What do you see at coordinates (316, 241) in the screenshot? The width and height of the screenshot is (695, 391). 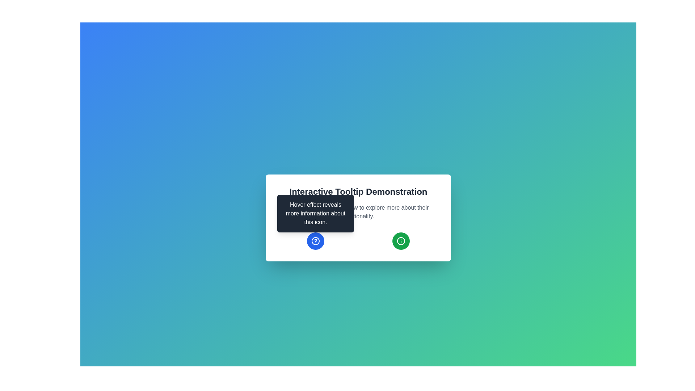 I see `the circular blue button with a white border and question mark icon located in the lower-left part of the two-column grid layout` at bounding box center [316, 241].